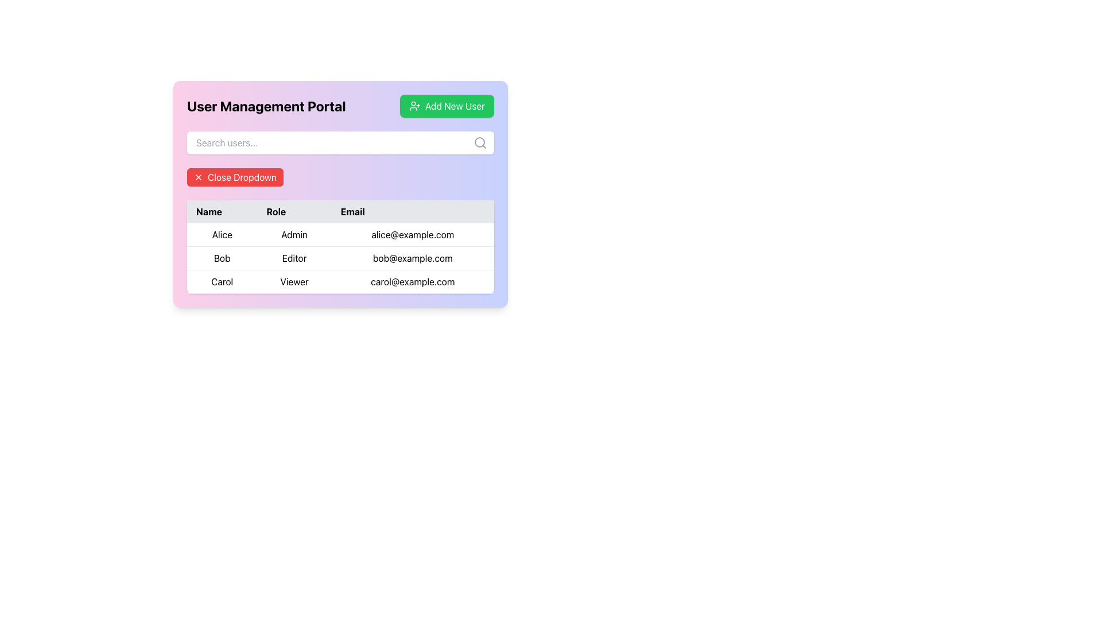 This screenshot has height=620, width=1102. What do you see at coordinates (340, 258) in the screenshot?
I see `the email 'bob@example.com'` at bounding box center [340, 258].